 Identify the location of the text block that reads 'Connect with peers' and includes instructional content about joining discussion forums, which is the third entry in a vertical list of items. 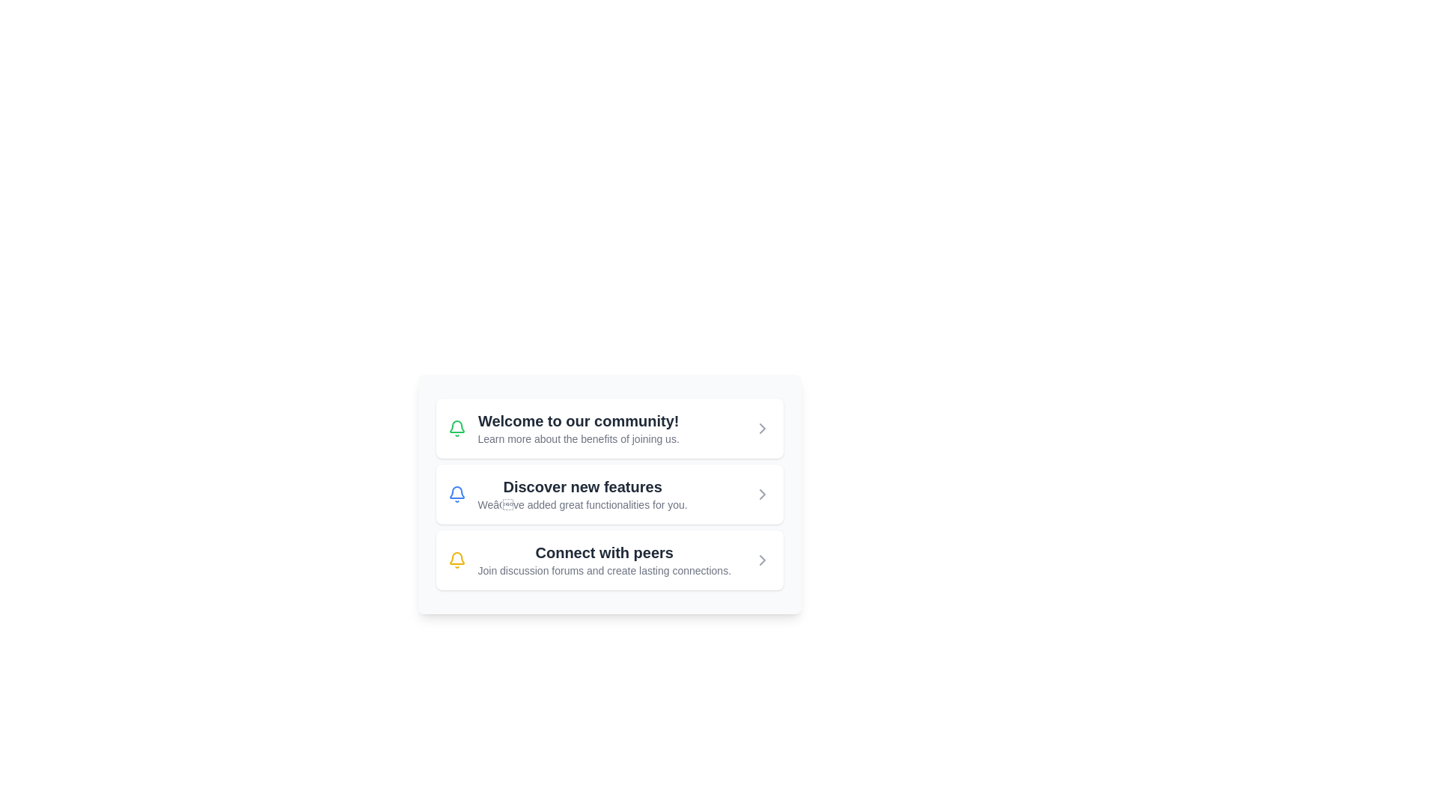
(604, 560).